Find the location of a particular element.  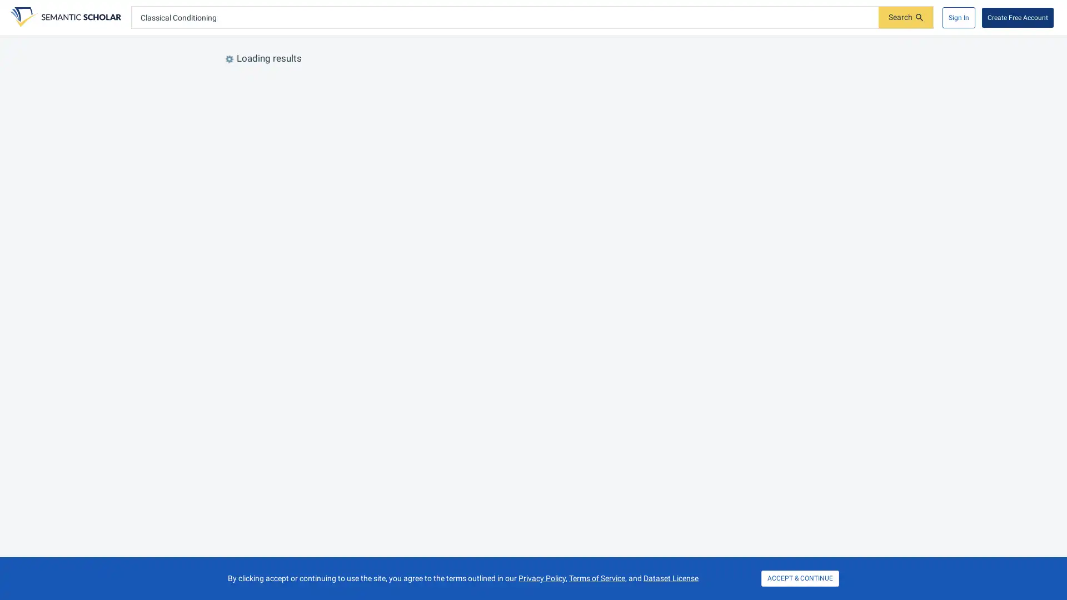

Turn on email alert for this paper is located at coordinates (392, 304).